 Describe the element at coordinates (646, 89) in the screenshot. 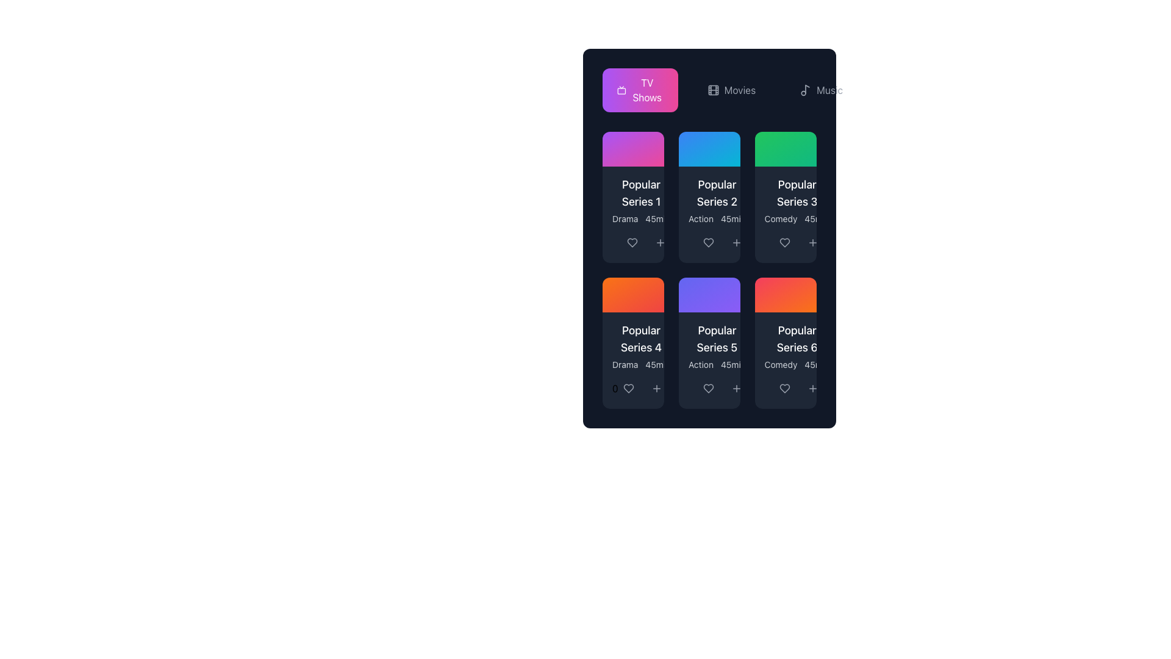

I see `the leftmost button in the horizontal navigation area` at that location.